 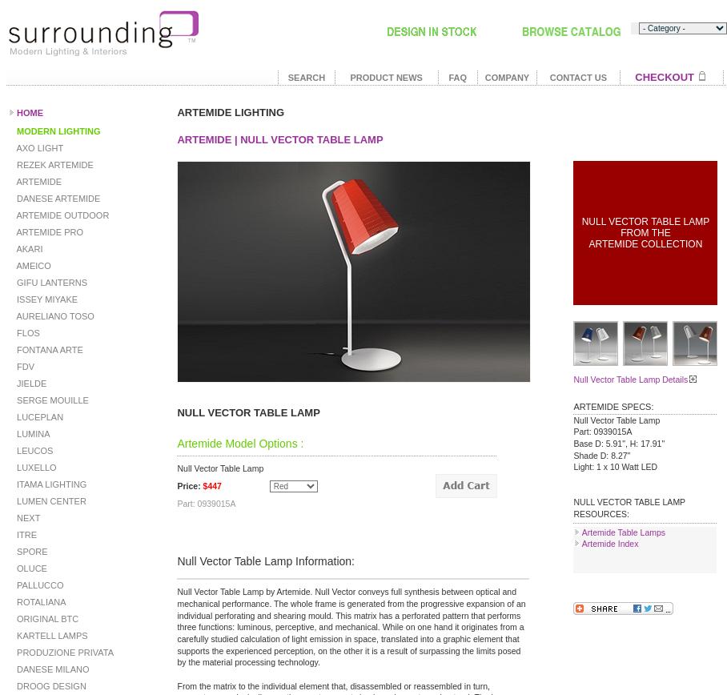 What do you see at coordinates (13, 585) in the screenshot?
I see `'PALLUCCO'` at bounding box center [13, 585].